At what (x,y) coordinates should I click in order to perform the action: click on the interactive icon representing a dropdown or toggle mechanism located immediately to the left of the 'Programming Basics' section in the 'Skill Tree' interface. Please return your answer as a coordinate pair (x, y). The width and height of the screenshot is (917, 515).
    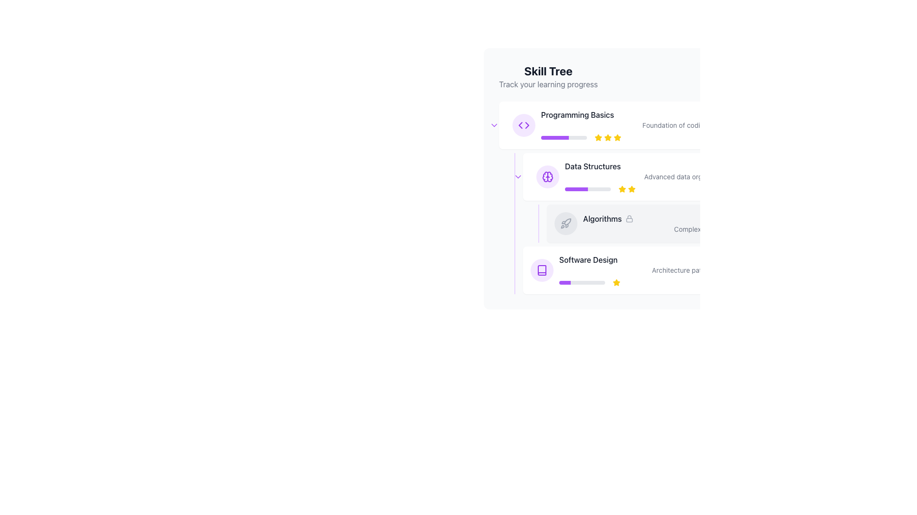
    Looking at the image, I should click on (494, 124).